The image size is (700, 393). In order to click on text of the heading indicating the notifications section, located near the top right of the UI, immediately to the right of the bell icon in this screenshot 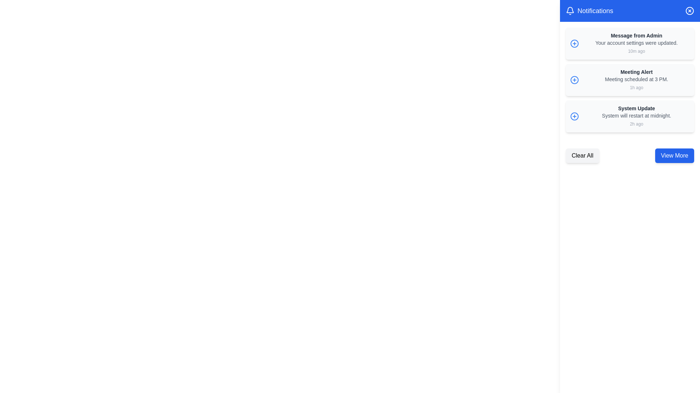, I will do `click(595, 11)`.